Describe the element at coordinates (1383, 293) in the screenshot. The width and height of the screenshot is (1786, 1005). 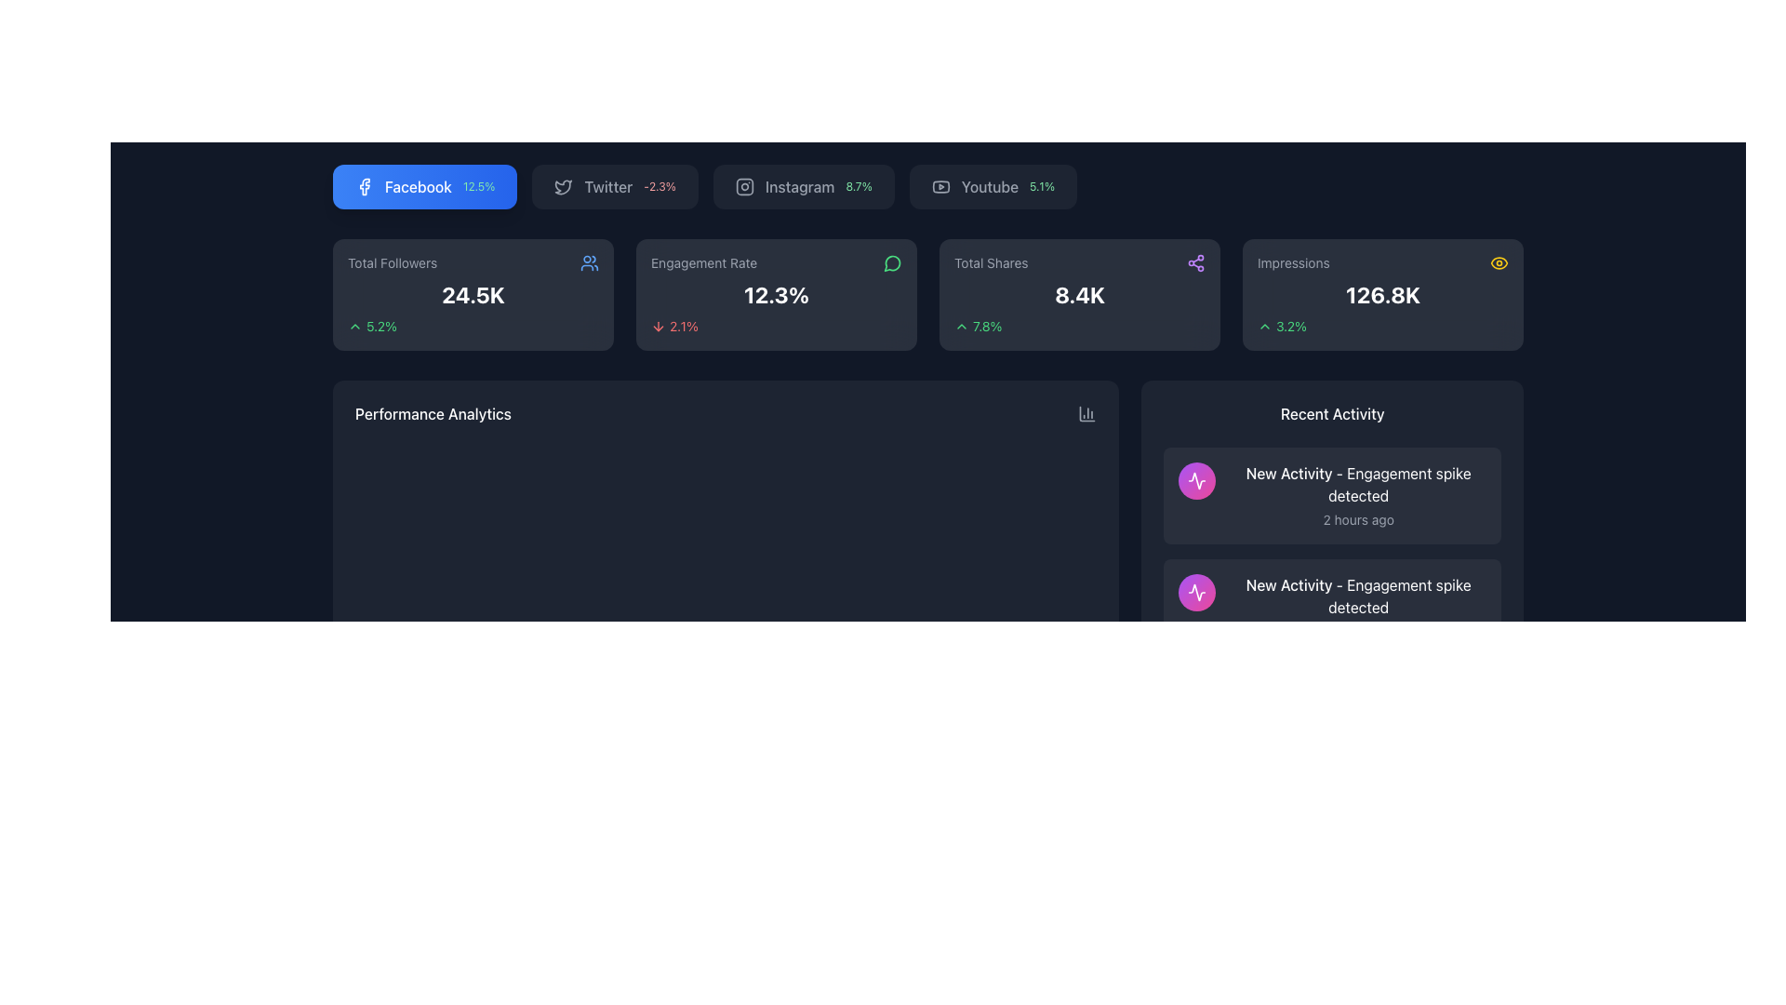
I see `the fourth Metric display card that shows the 'Impressions' metric, located at the far right of the grid` at that location.